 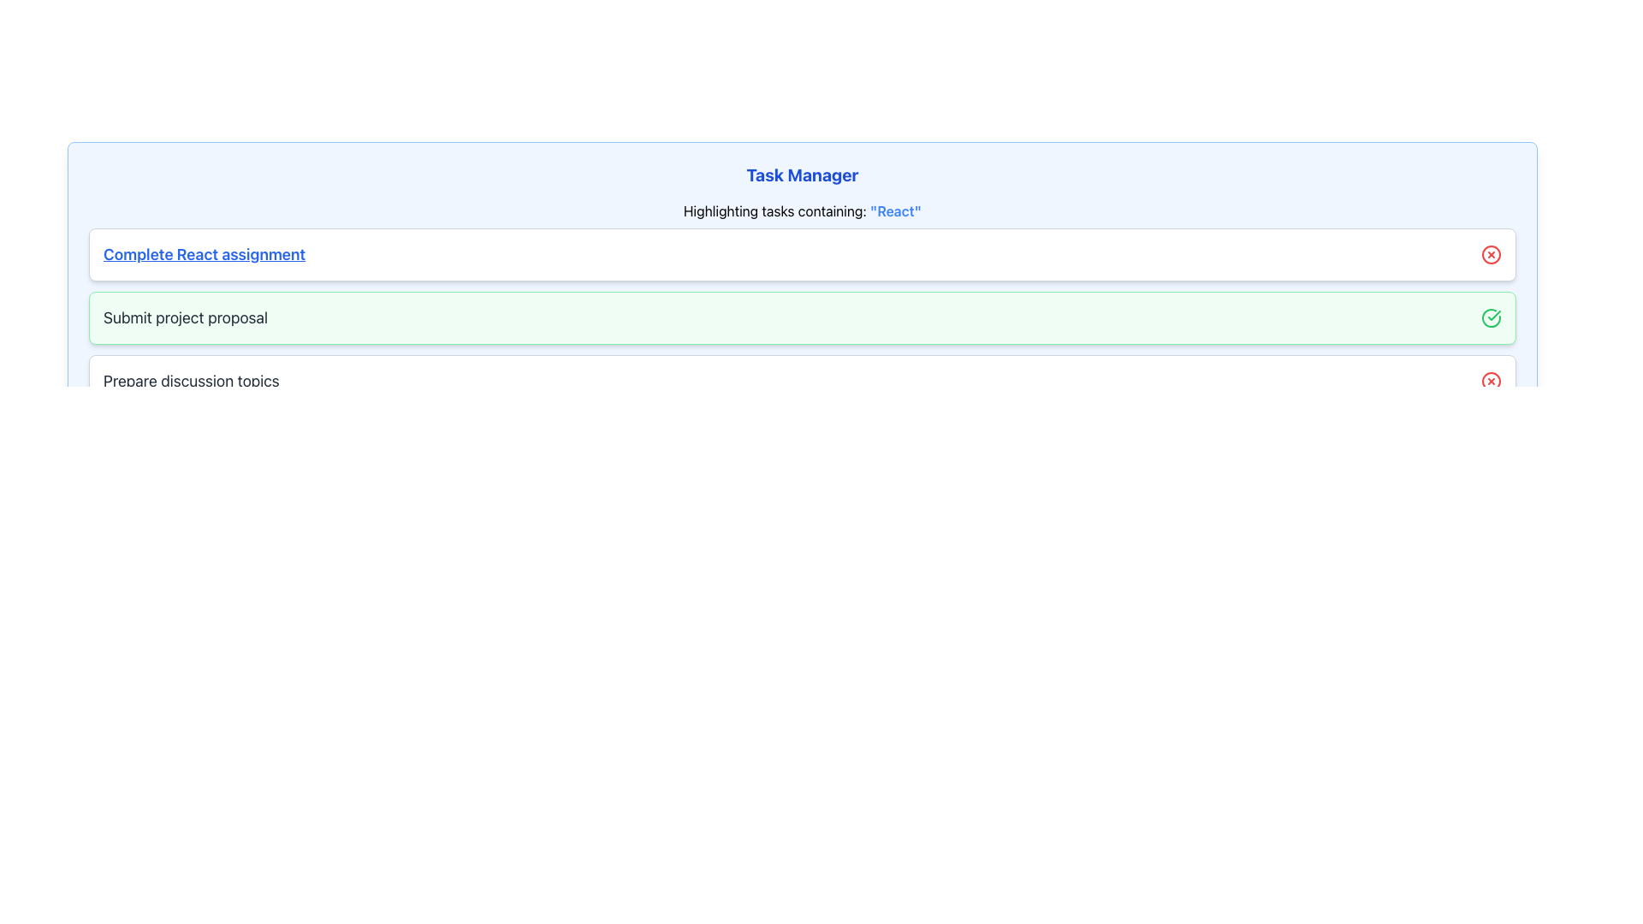 What do you see at coordinates (1490, 254) in the screenshot?
I see `the delete or close button located in the top-right corner of the 'Complete React assignment' task box` at bounding box center [1490, 254].